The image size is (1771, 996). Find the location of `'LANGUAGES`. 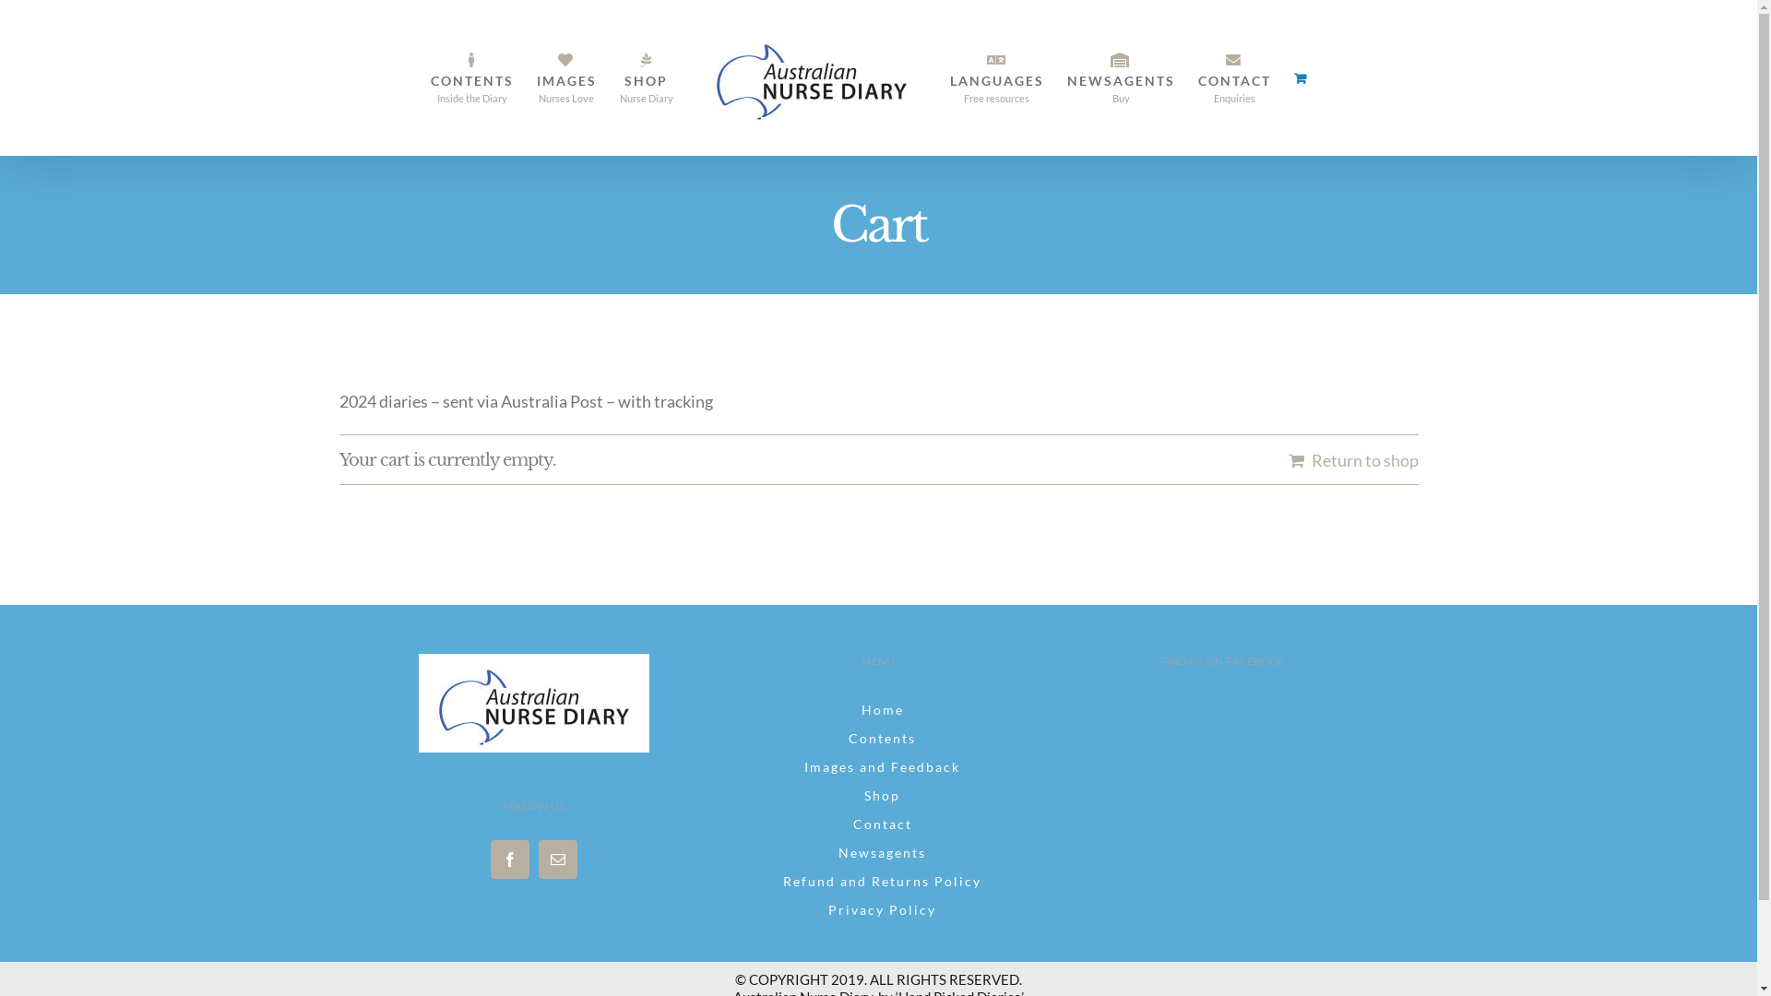

'LANGUAGES is located at coordinates (950, 77).